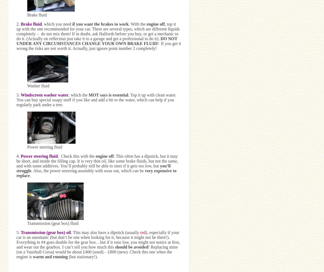  What do you see at coordinates (27, 85) in the screenshot?
I see `'Washer fluid'` at bounding box center [27, 85].